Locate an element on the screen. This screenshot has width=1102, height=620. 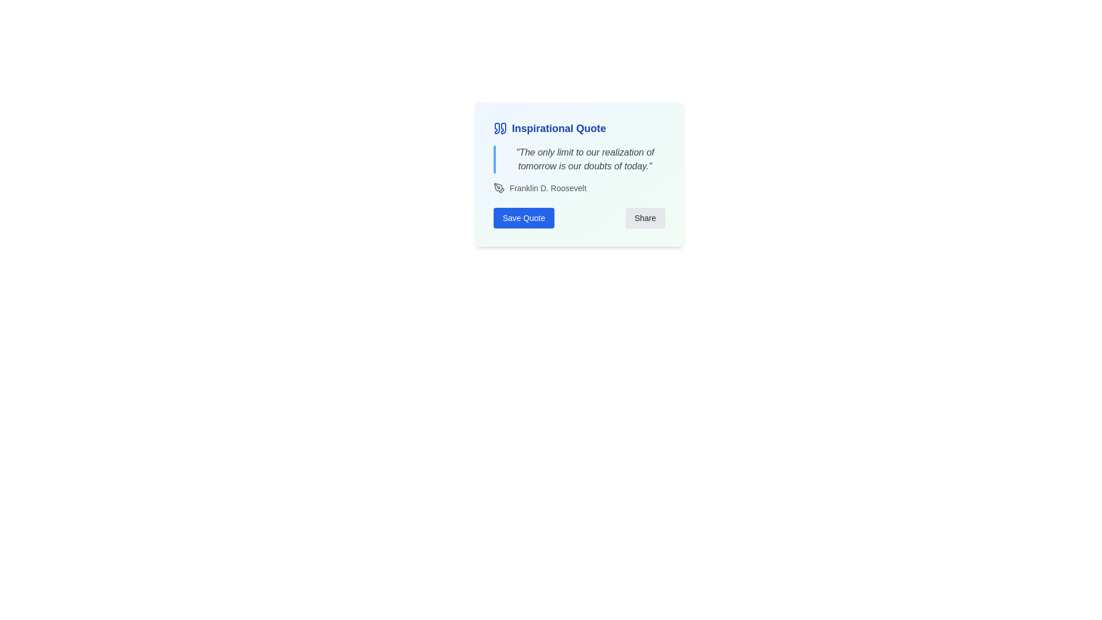
the right quotation mark icon, which indicates the start of a quoted phrase and is located in the card header at the top-left of the card is located at coordinates (503, 128).